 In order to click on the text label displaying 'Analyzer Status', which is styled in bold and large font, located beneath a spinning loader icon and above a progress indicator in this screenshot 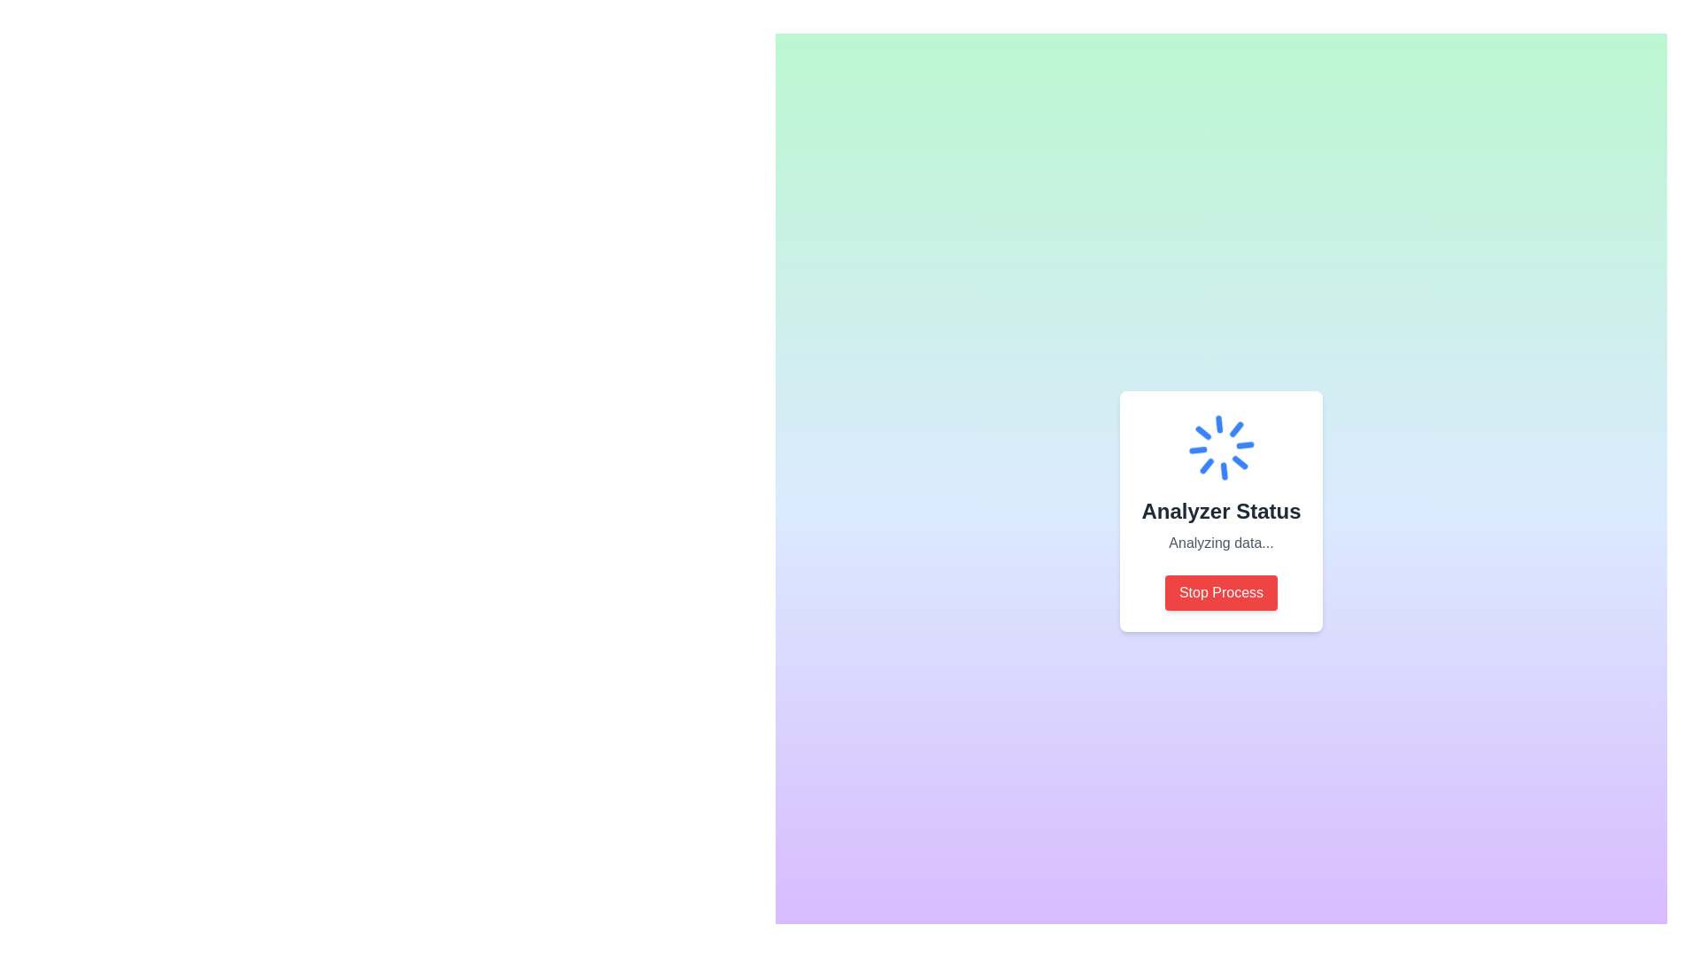, I will do `click(1220, 512)`.